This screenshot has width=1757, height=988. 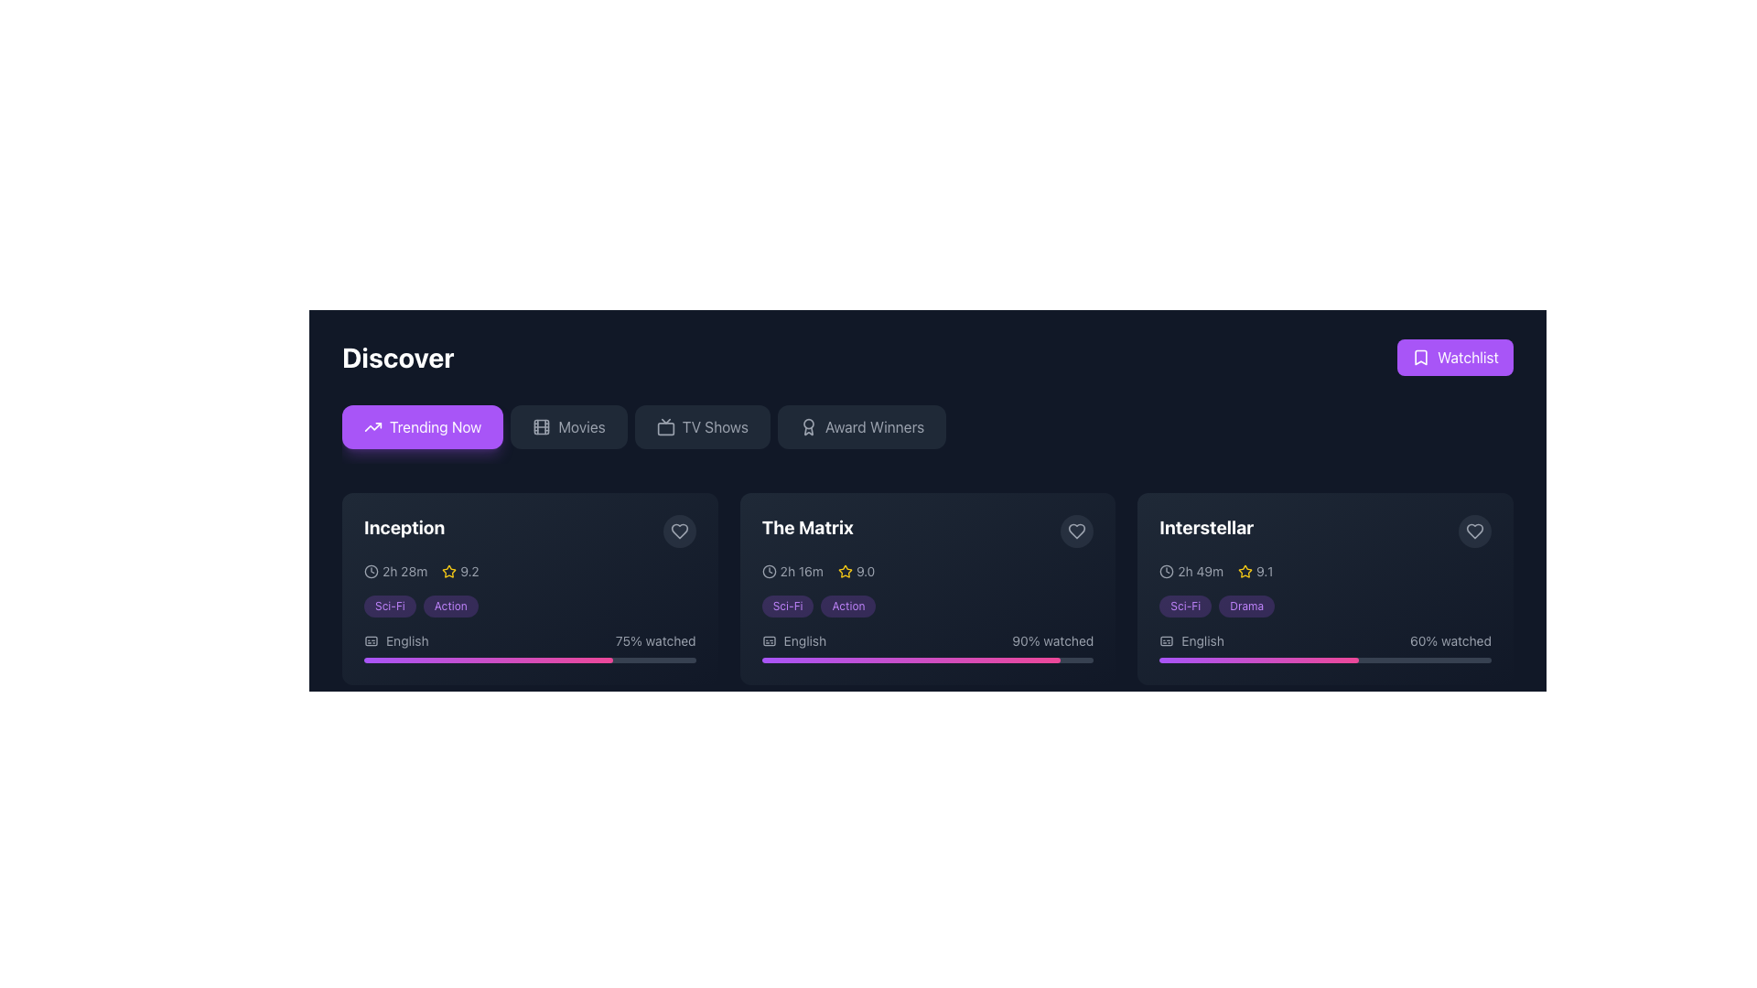 I want to click on the visual rating indicator displaying a score of 9.2 for the movie Inception, located in the bottom-left section of the card, so click(x=460, y=570).